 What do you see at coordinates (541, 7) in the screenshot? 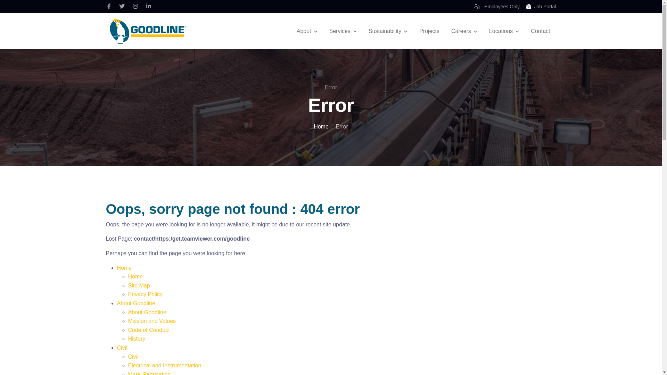
I see `'Job Portal'` at bounding box center [541, 7].